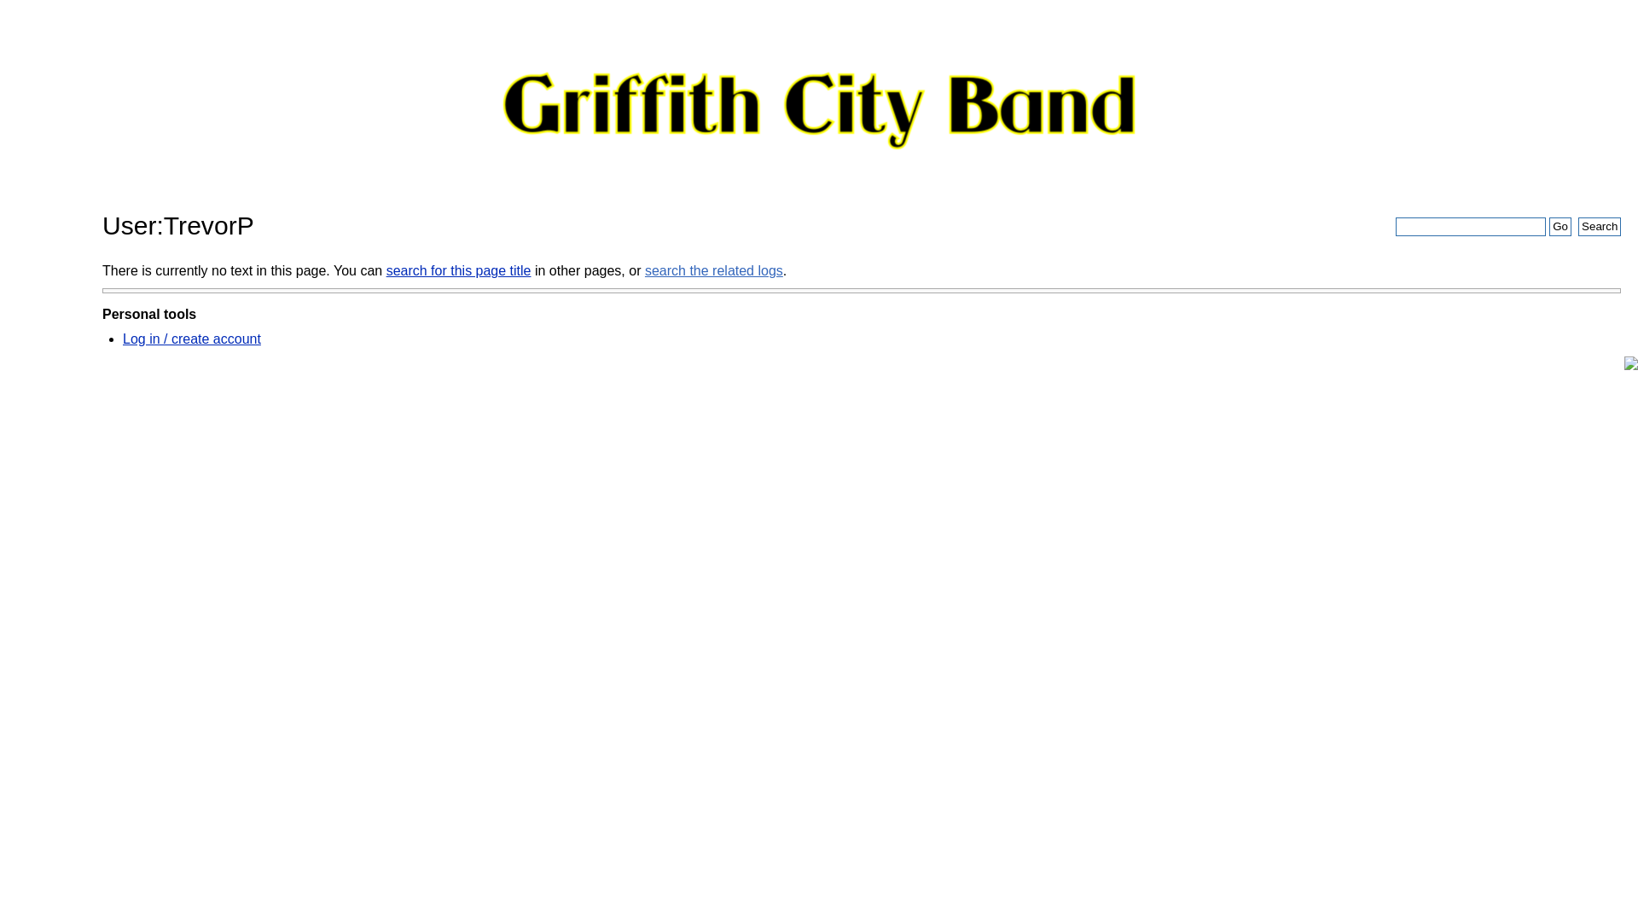 The height and width of the screenshot is (921, 1638). I want to click on 'Log in / create account', so click(192, 339).